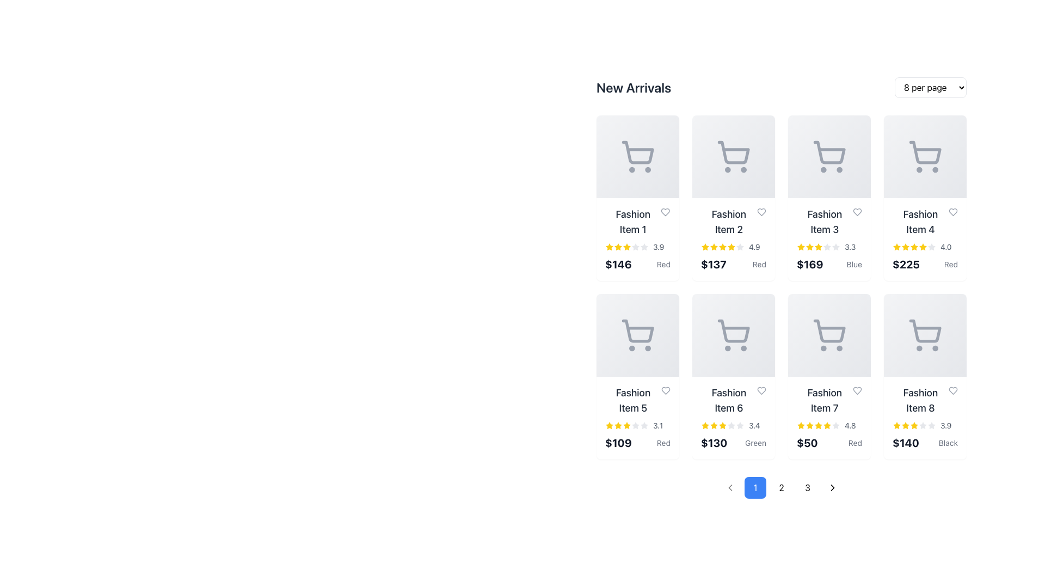 This screenshot has width=1045, height=588. Describe the element at coordinates (730, 487) in the screenshot. I see `the first pagination button, which is disabled and located to the left of the blue-highlighted button labeled '1', to attempt navigation` at that location.